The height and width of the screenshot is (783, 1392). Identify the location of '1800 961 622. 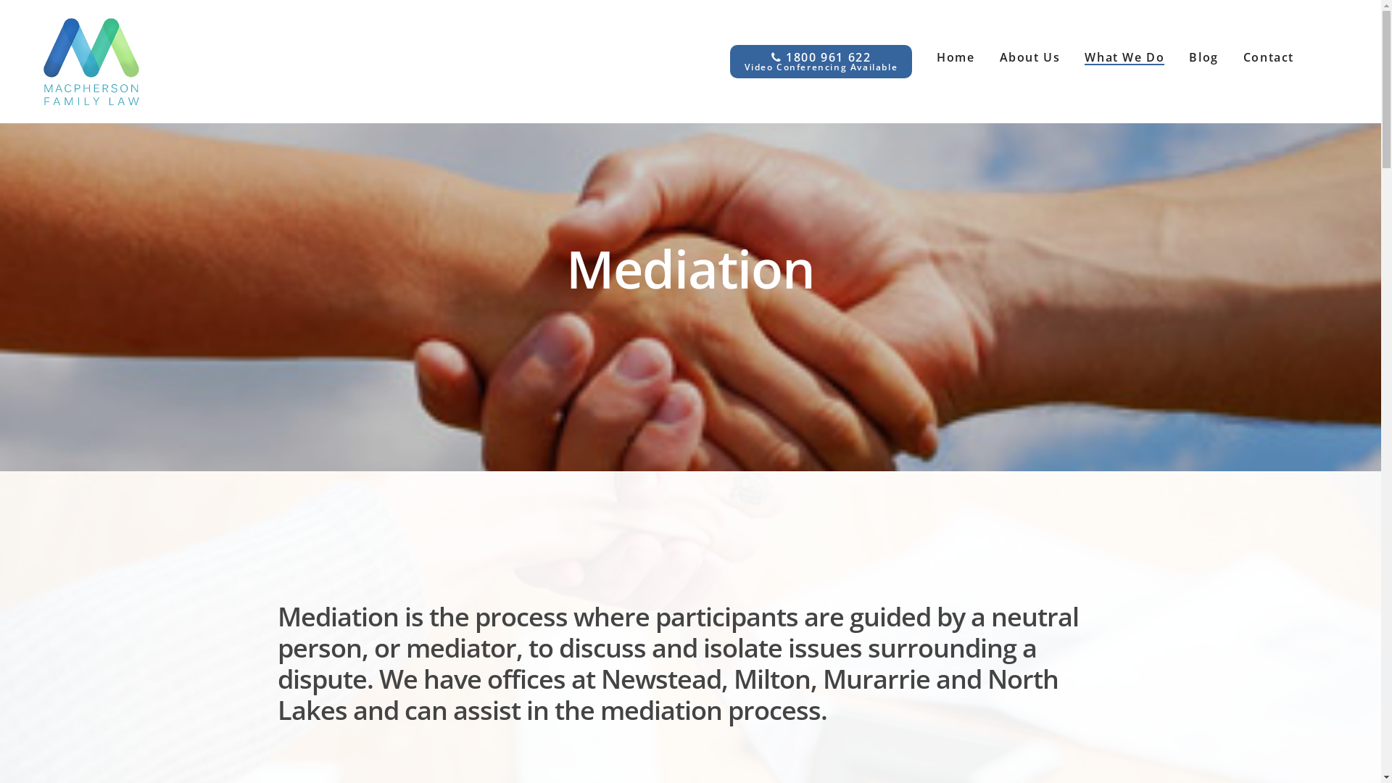
(821, 60).